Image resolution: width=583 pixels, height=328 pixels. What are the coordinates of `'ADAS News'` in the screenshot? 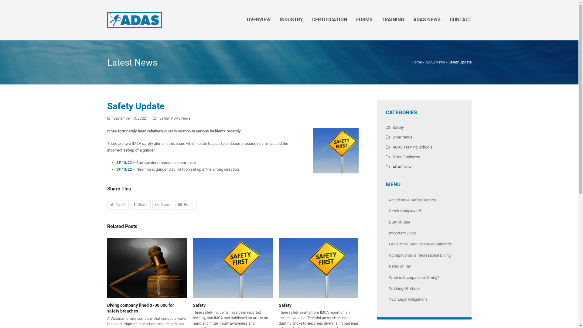 It's located at (399, 167).